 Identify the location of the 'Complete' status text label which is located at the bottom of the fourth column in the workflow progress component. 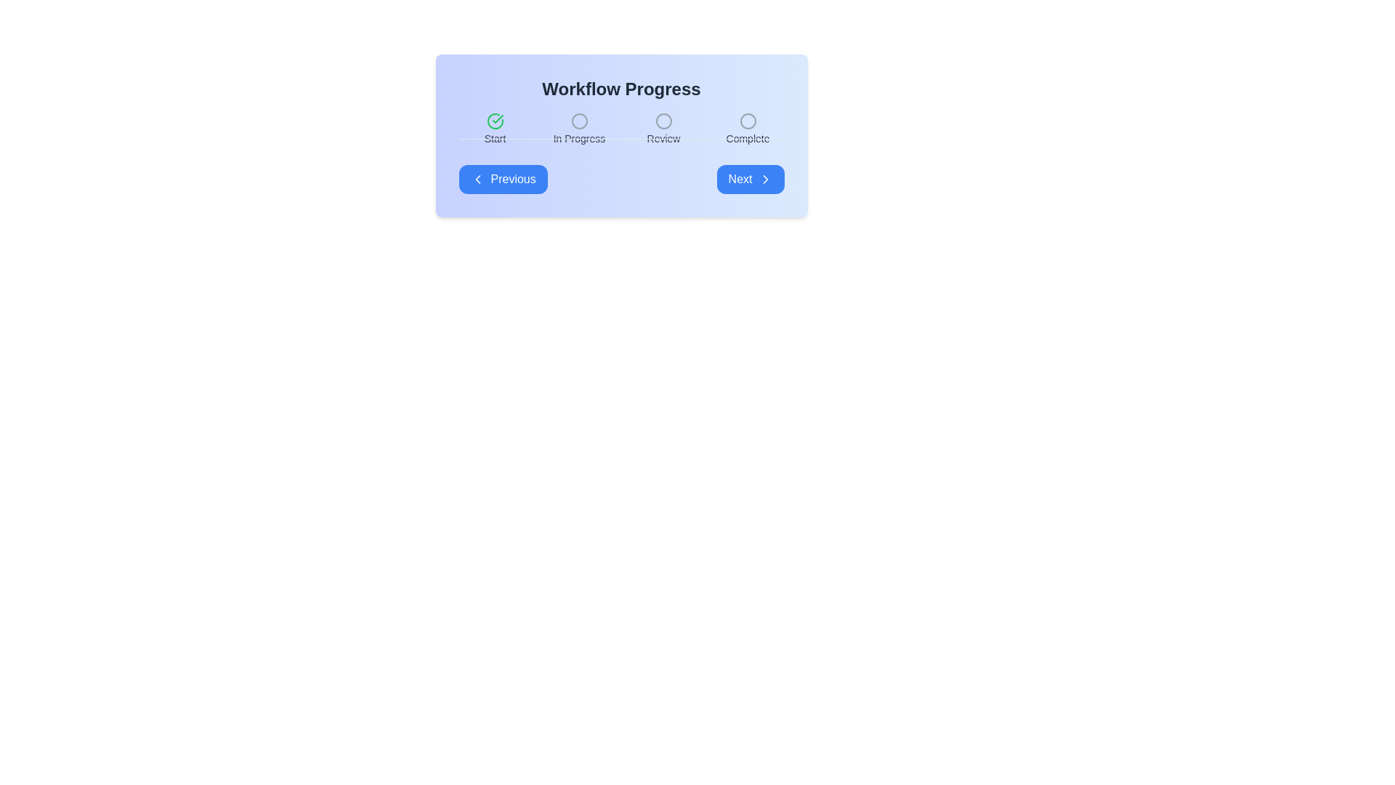
(748, 139).